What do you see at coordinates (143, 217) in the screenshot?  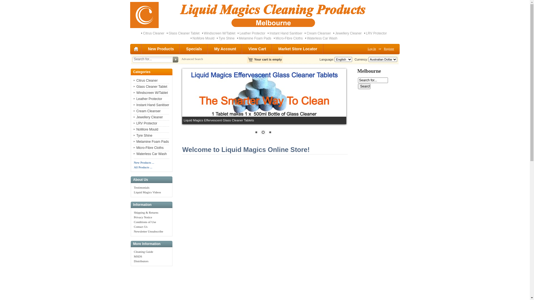 I see `'Privacy Notice'` at bounding box center [143, 217].